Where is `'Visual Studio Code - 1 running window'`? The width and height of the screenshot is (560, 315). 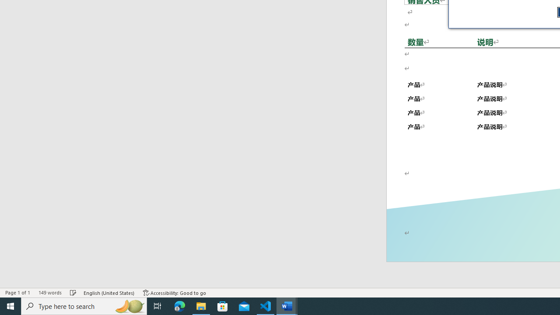
'Visual Studio Code - 1 running window' is located at coordinates (265, 305).